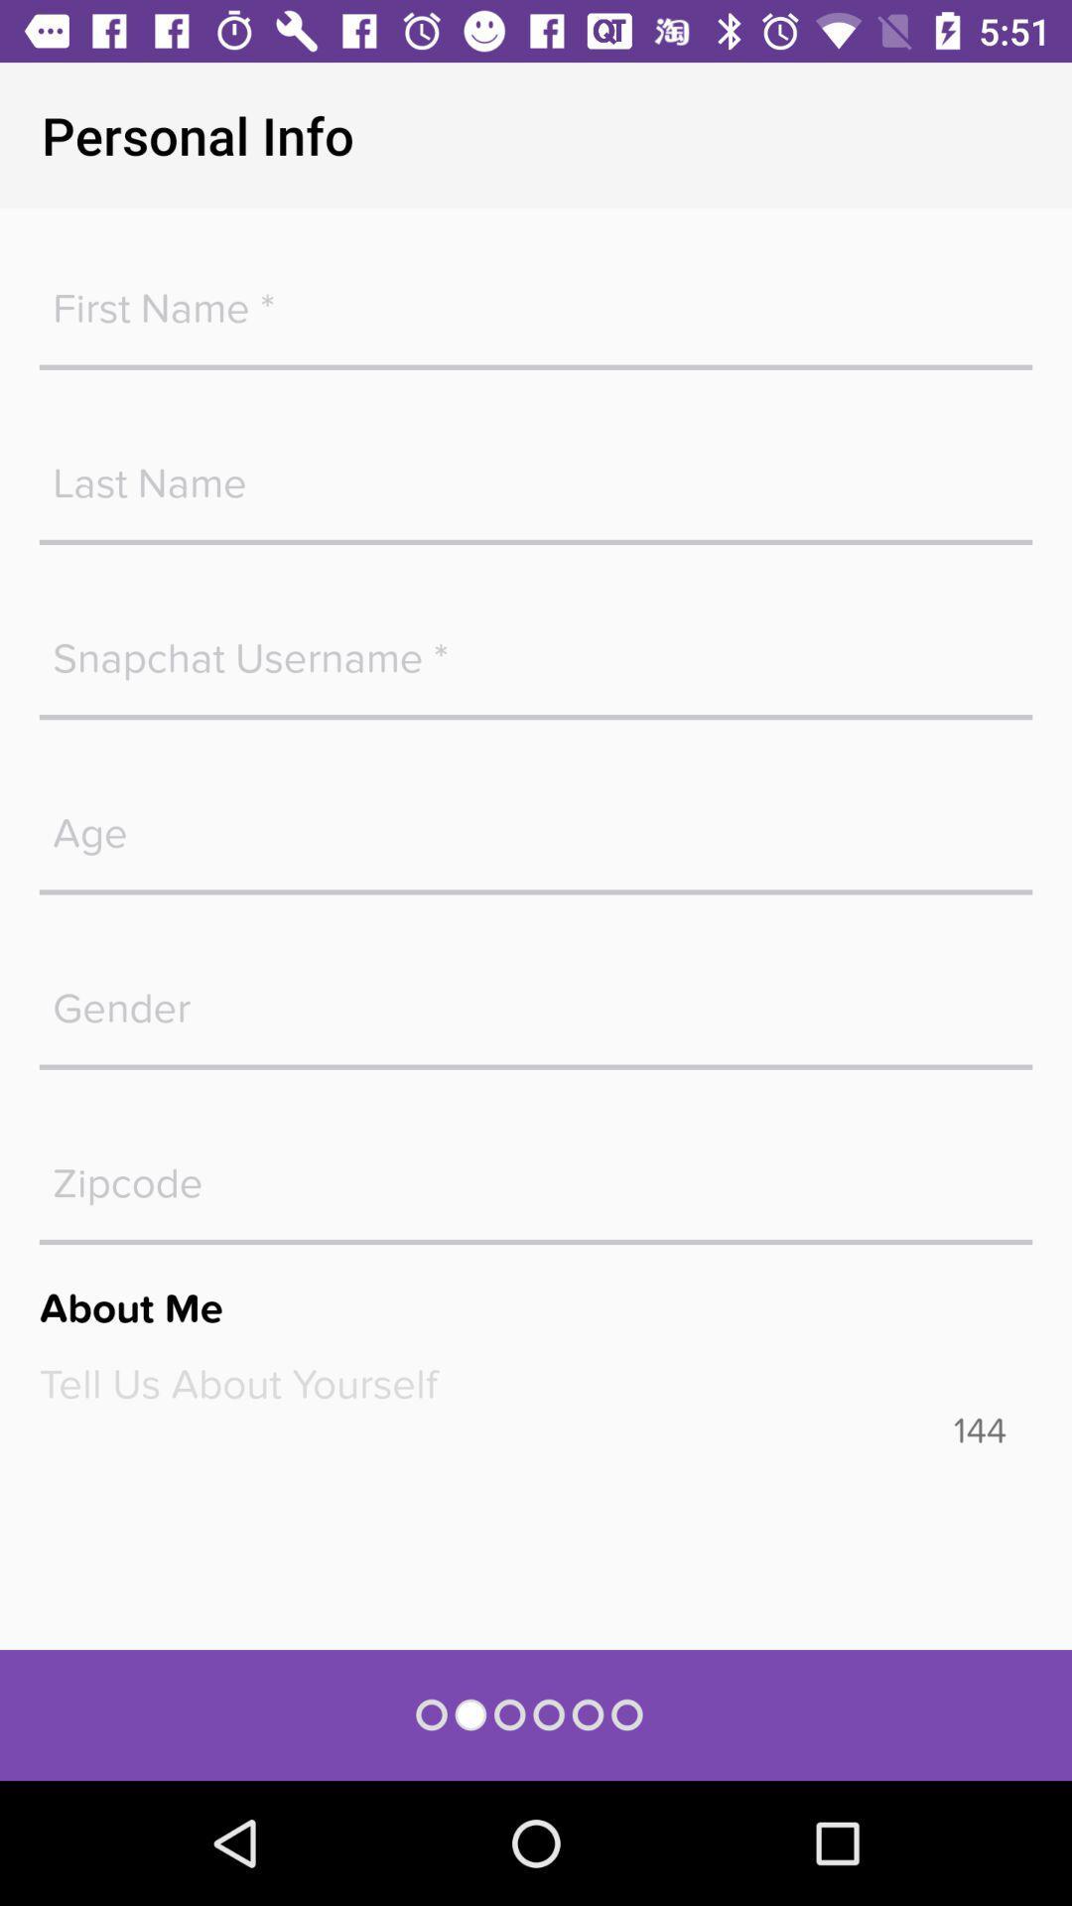  I want to click on icon above the 144, so click(536, 1384).